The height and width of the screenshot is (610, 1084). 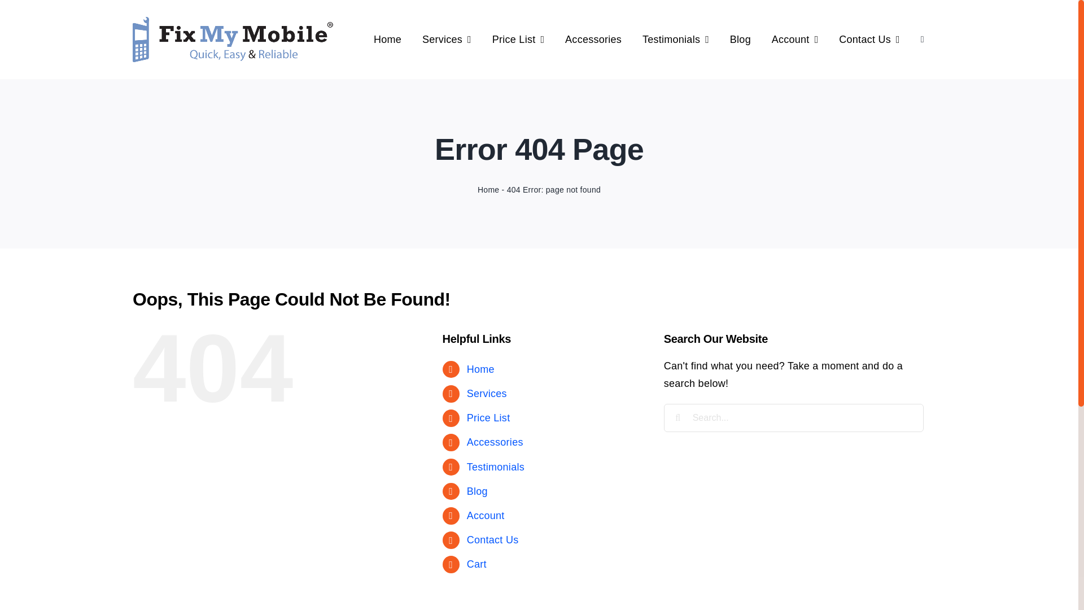 I want to click on 'Contact Us', so click(x=869, y=38).